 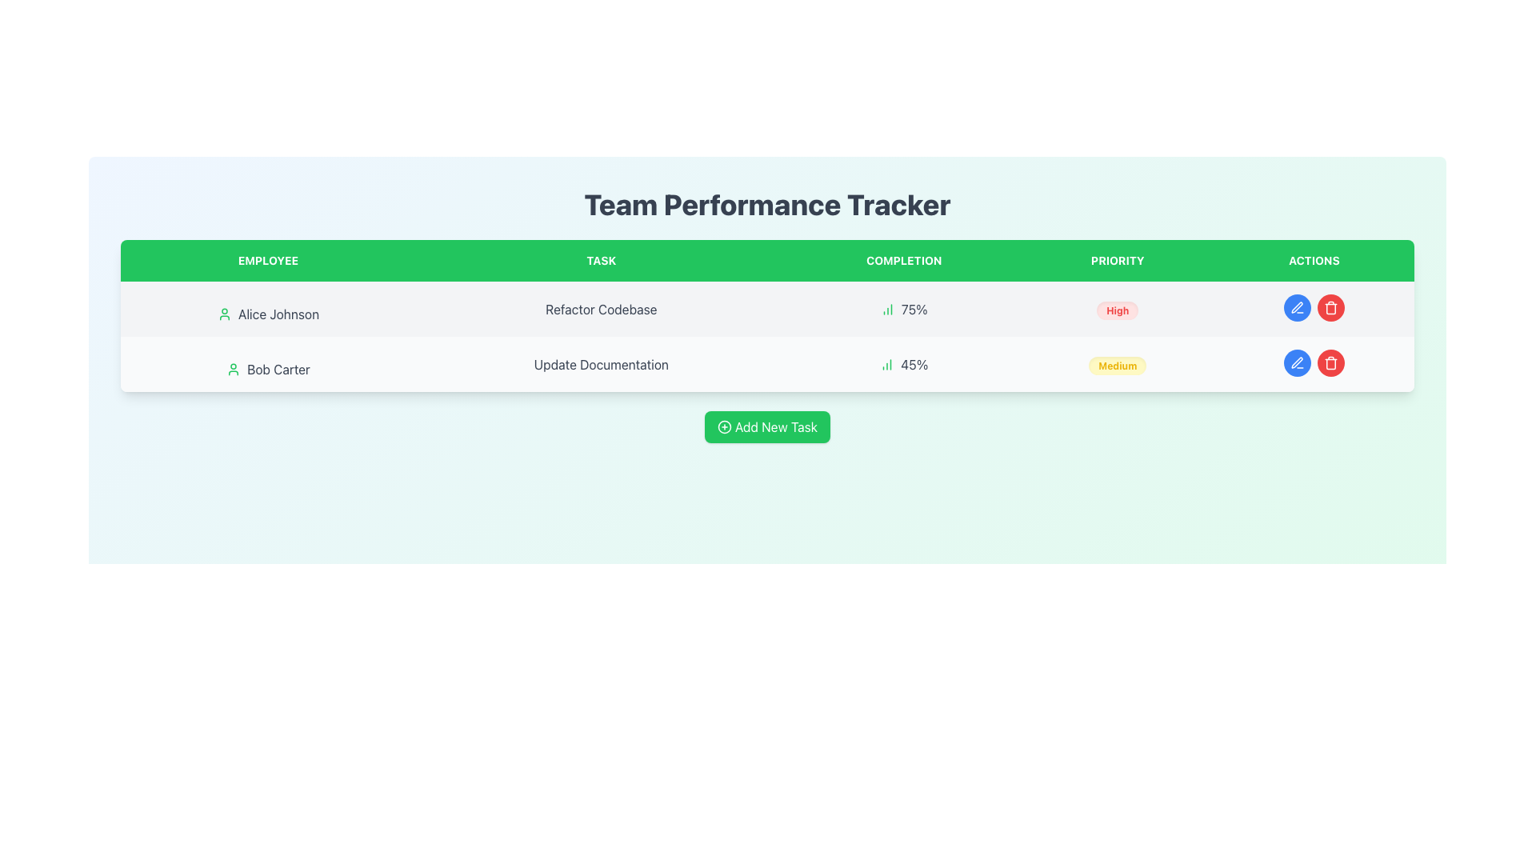 What do you see at coordinates (1330, 363) in the screenshot?
I see `the delete button located in the 'Actions' column of the second row in the table, associated with the task 'Update Documentation.'` at bounding box center [1330, 363].